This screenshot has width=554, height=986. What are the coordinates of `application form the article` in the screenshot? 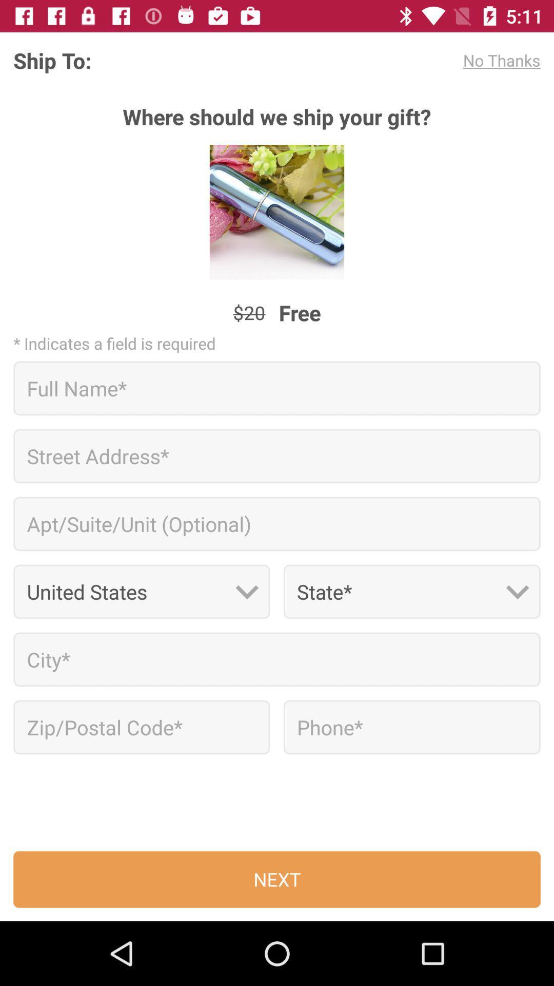 It's located at (411, 727).